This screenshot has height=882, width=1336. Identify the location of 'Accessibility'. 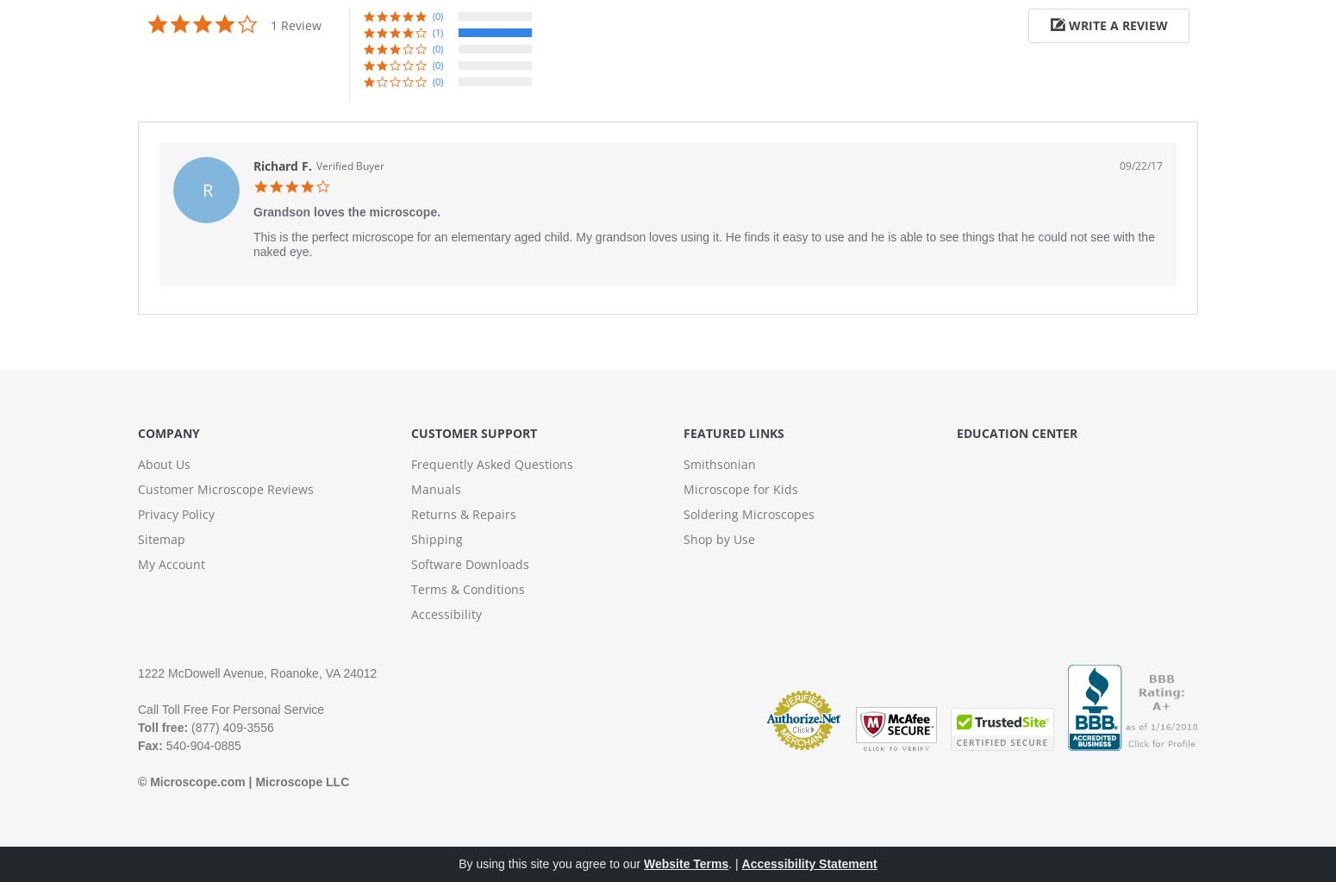
(409, 614).